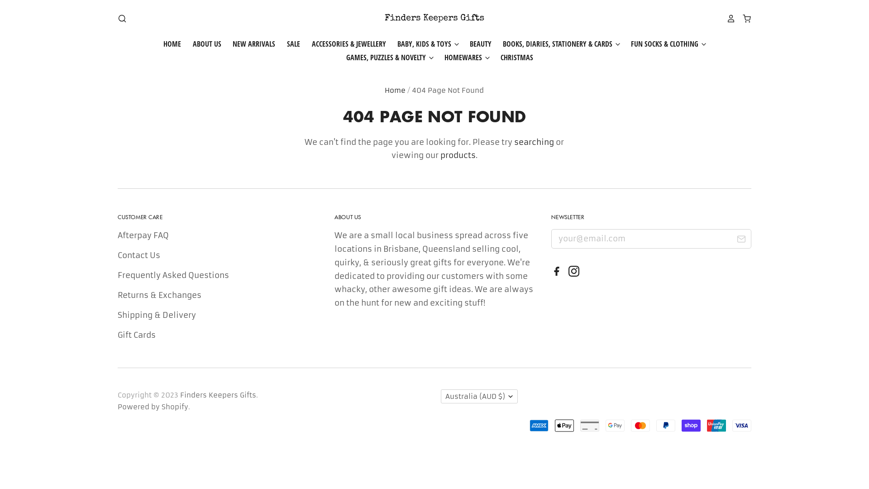 This screenshot has height=489, width=869. Describe the element at coordinates (479, 396) in the screenshot. I see `'Australia (AUD $)'` at that location.